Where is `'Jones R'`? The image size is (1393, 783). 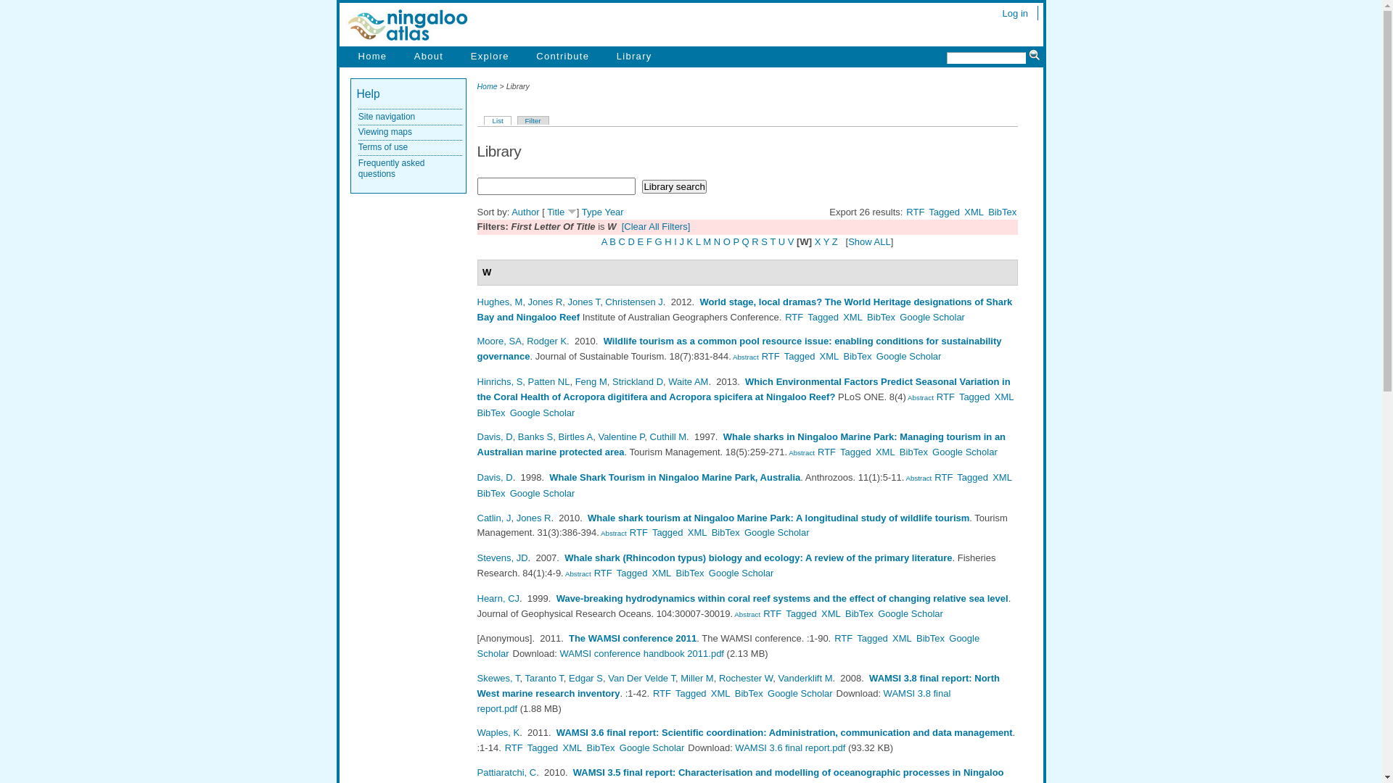
'Jones R' is located at coordinates (545, 301).